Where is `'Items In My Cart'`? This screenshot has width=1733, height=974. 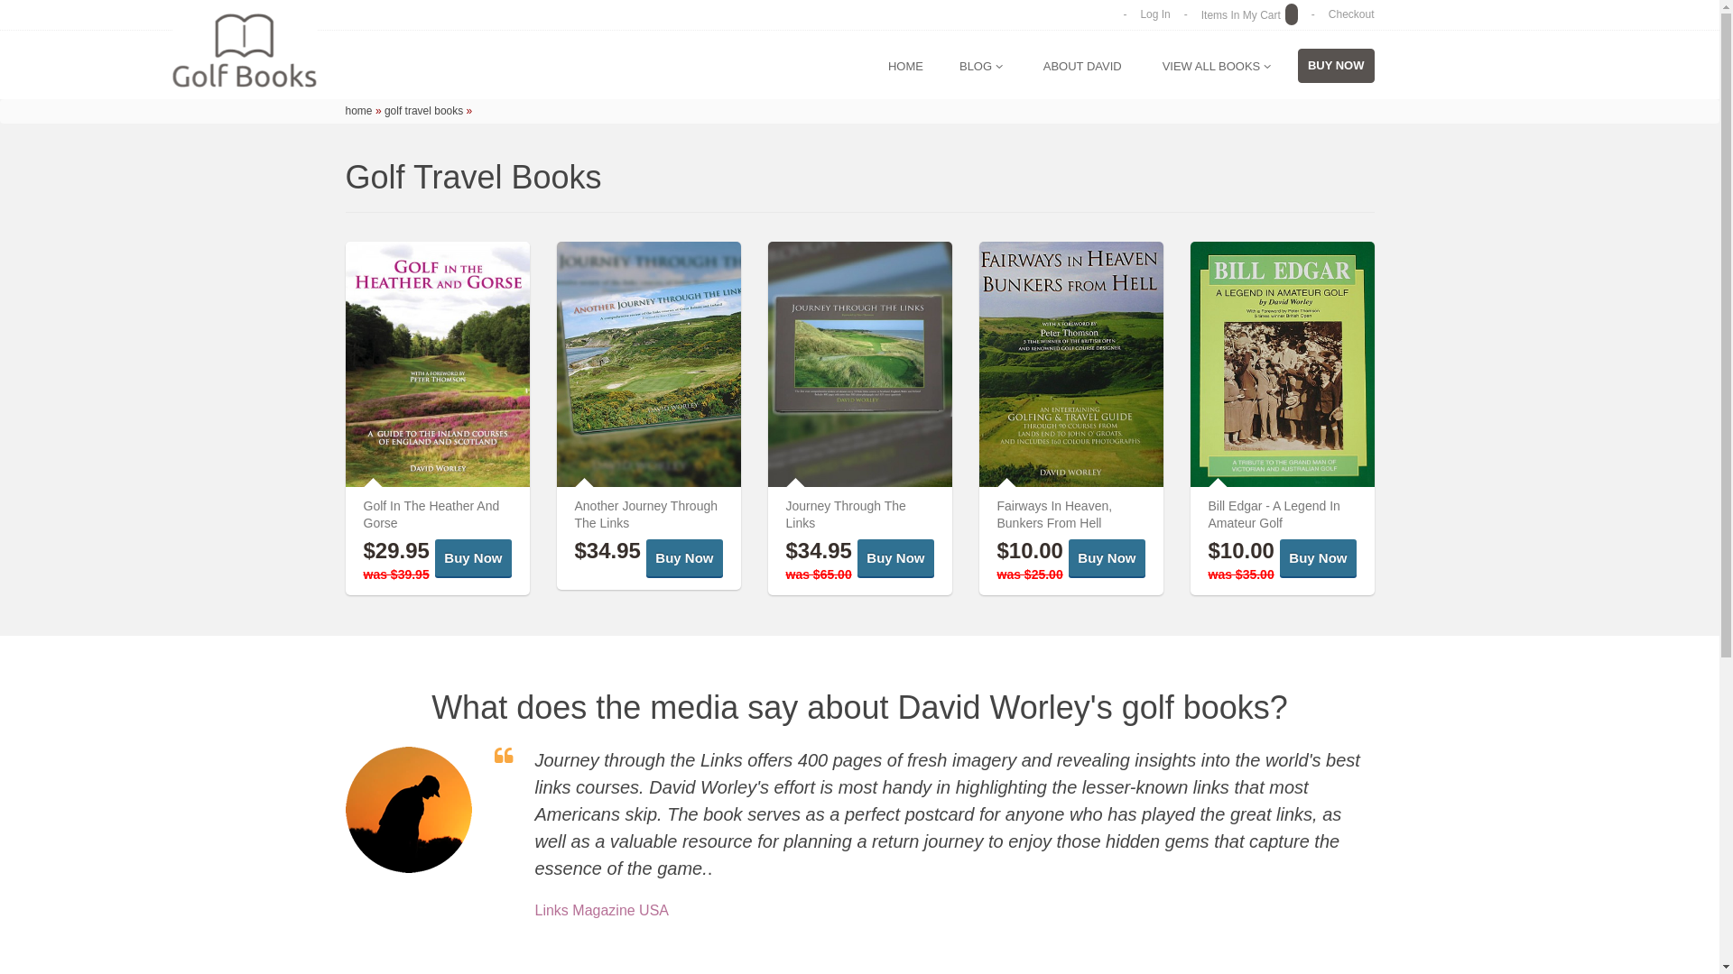
'Items In My Cart' is located at coordinates (1200, 14).